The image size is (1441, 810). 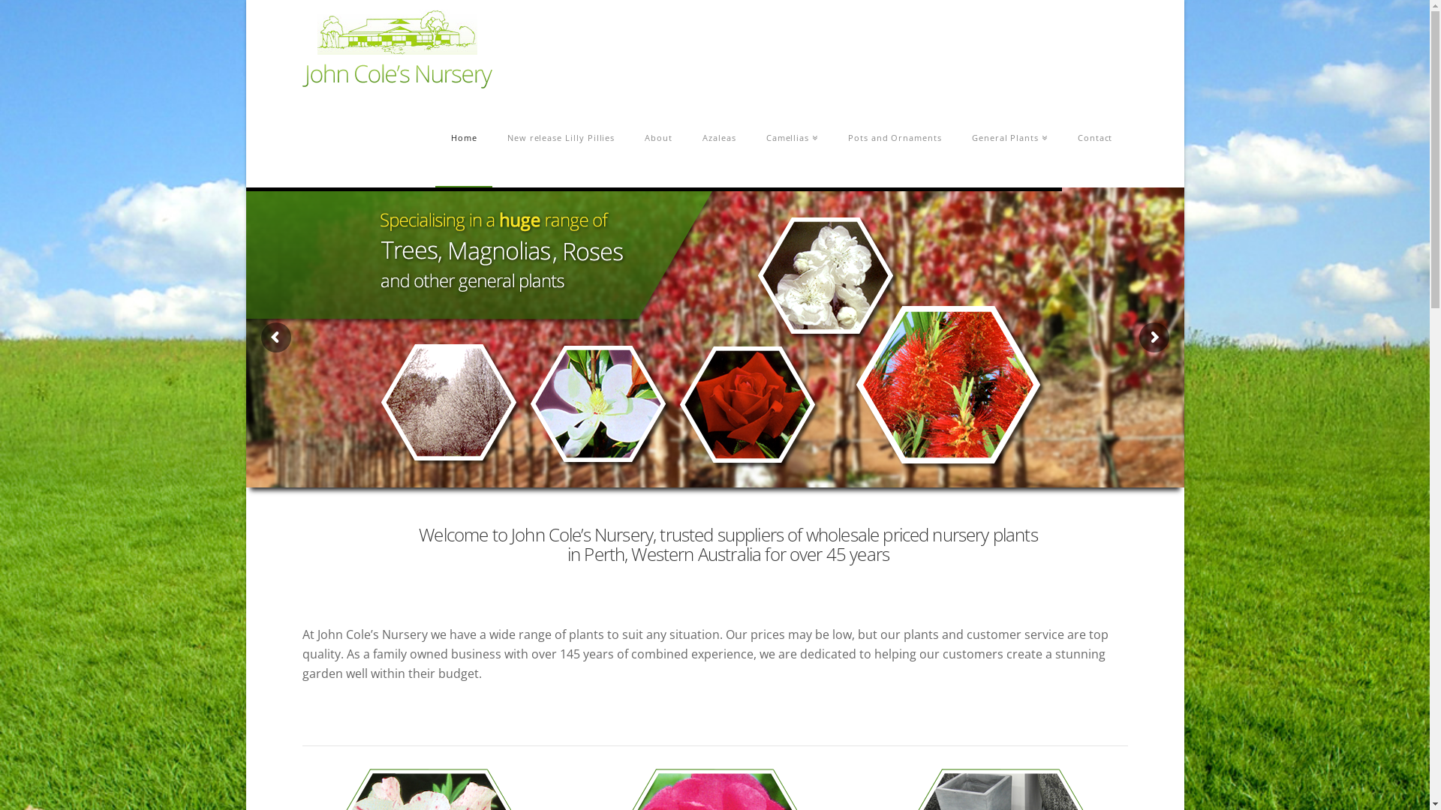 I want to click on 'Home', so click(x=463, y=136).